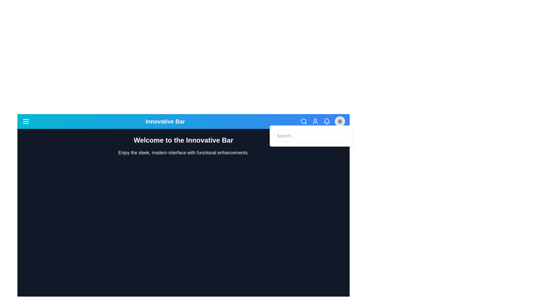  Describe the element at coordinates (315, 121) in the screenshot. I see `the user icon to perform the intended action` at that location.